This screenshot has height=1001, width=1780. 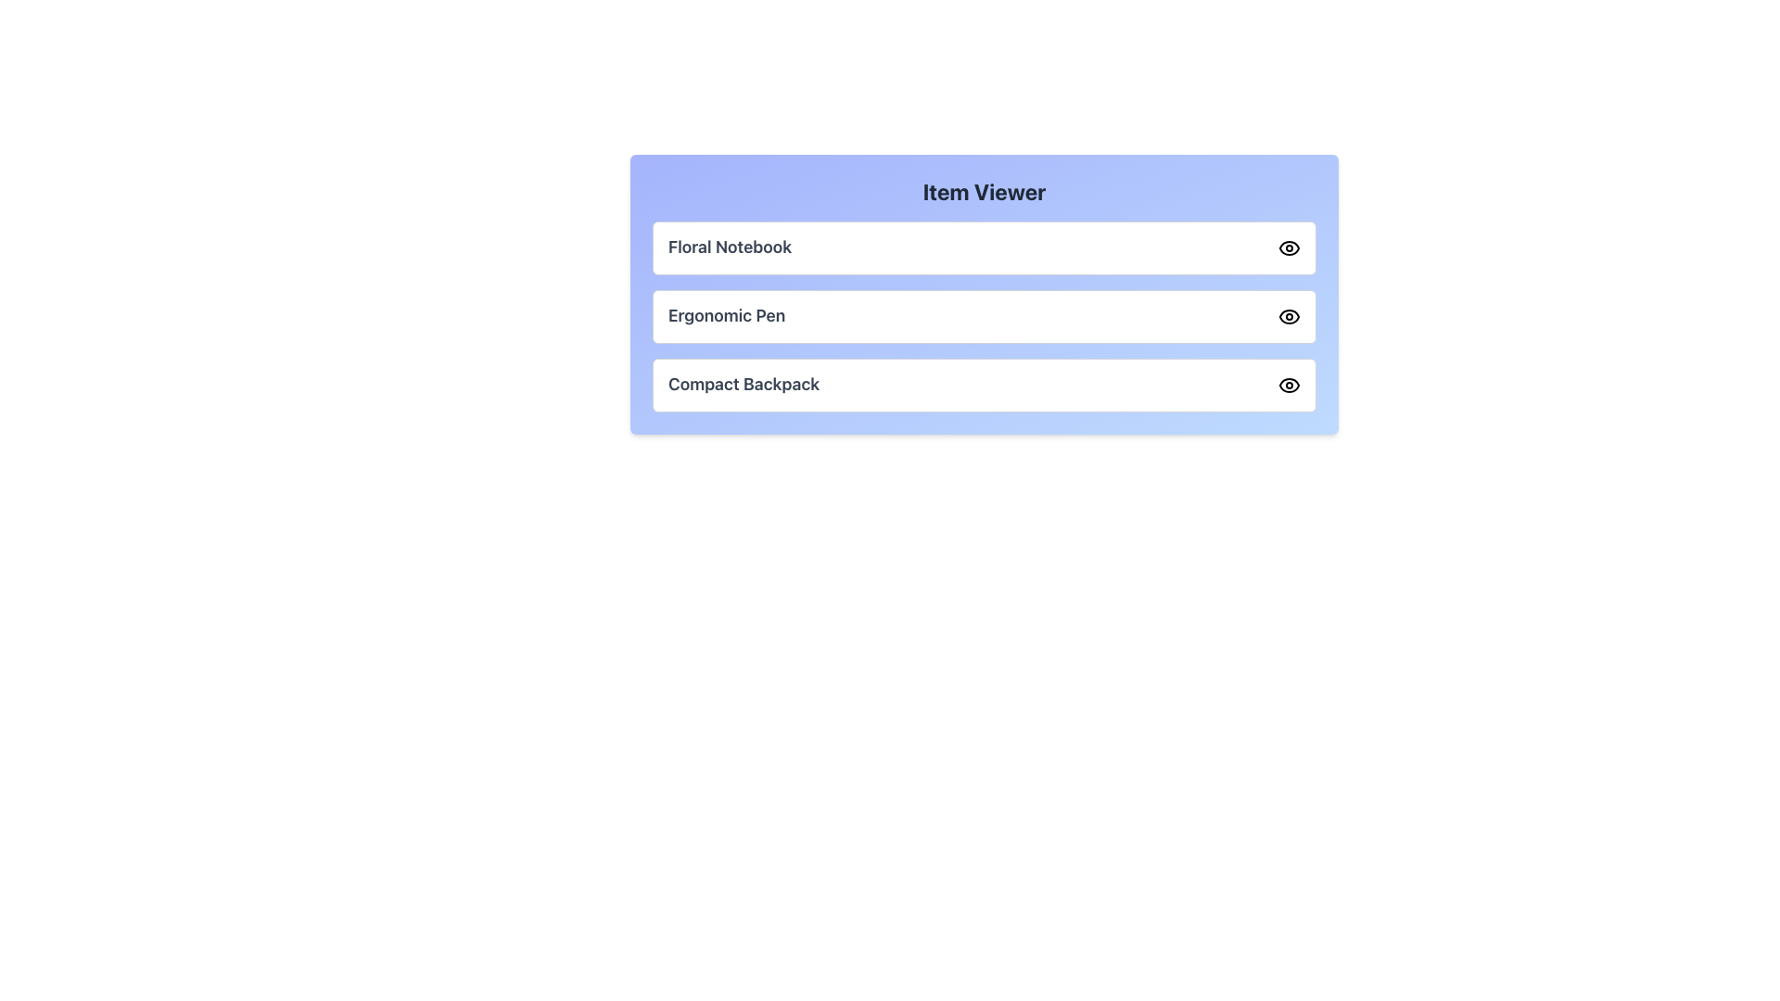 I want to click on the 'Ergonomic Pen' list item, so click(x=983, y=316).